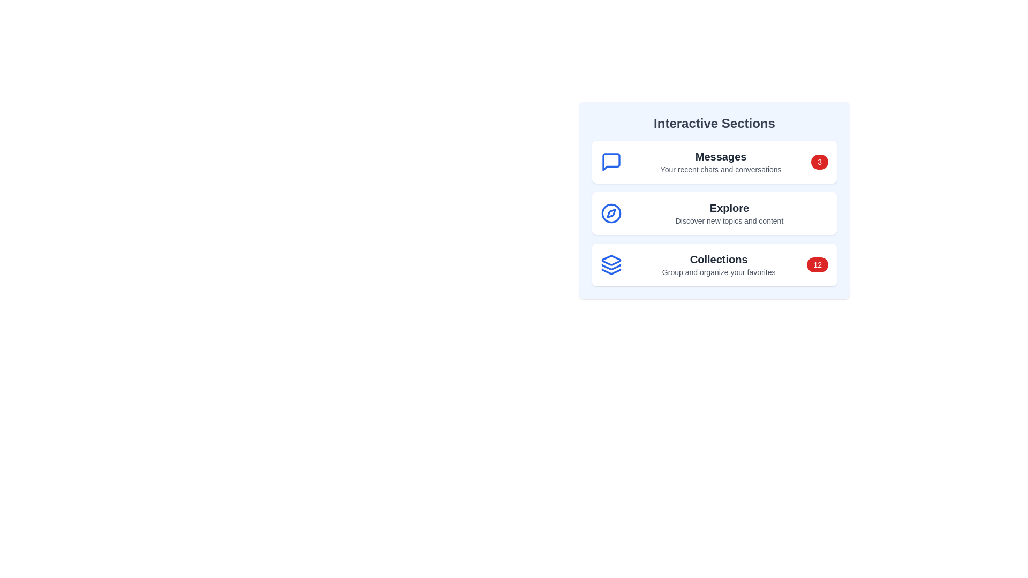 This screenshot has height=578, width=1028. What do you see at coordinates (819, 213) in the screenshot?
I see `the notification badge of the section Explore` at bounding box center [819, 213].